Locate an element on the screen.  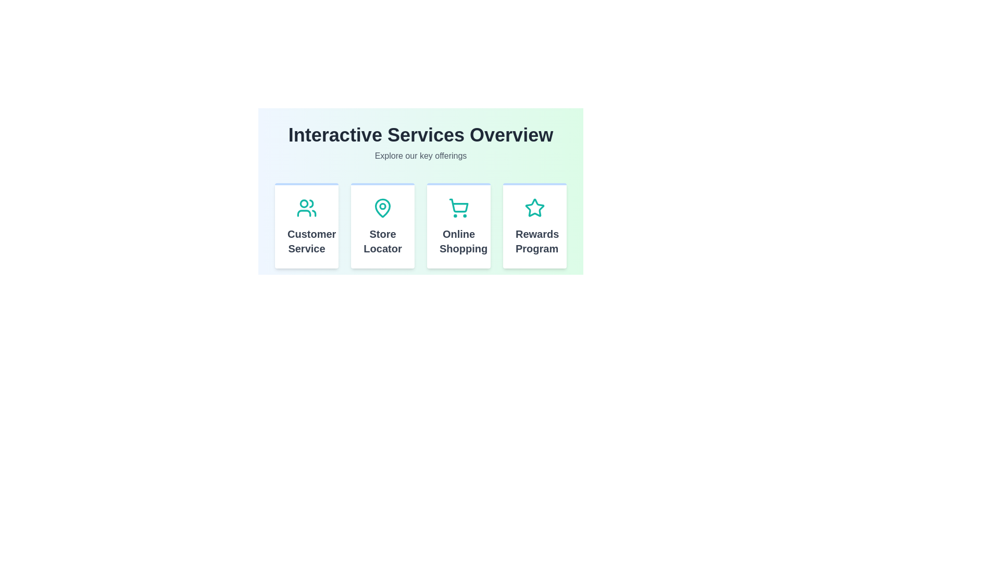
the teal star icon within the 'Rewards Program' card, which is located at the center of the card's top part is located at coordinates (535, 208).